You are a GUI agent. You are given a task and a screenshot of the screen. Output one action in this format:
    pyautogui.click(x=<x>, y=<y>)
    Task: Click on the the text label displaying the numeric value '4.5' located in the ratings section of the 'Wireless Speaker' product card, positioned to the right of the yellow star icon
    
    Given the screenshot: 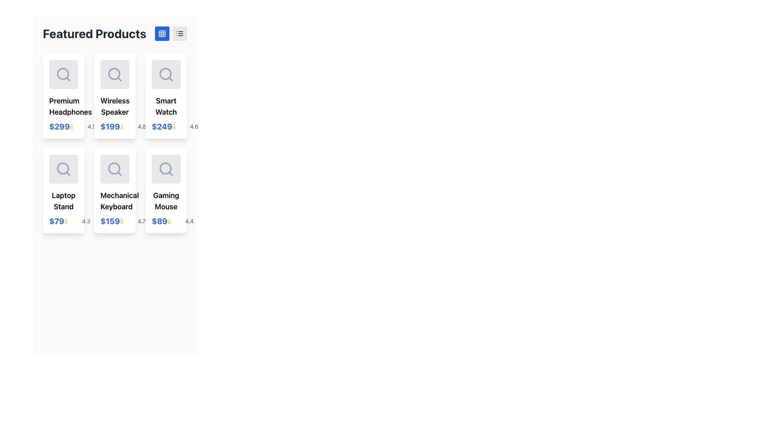 What is the action you would take?
    pyautogui.click(x=92, y=126)
    